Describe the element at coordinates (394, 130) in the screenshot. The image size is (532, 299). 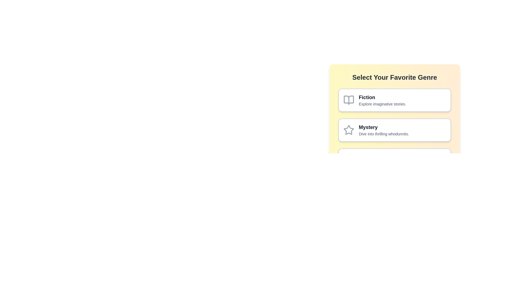
I see `to select the 'Mystery' genre option, which is the second item in the list of genres` at that location.